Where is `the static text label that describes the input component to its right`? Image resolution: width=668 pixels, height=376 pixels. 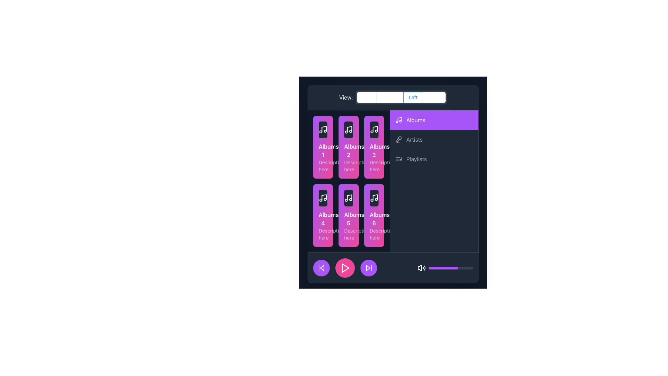 the static text label that describes the input component to its right is located at coordinates (346, 97).